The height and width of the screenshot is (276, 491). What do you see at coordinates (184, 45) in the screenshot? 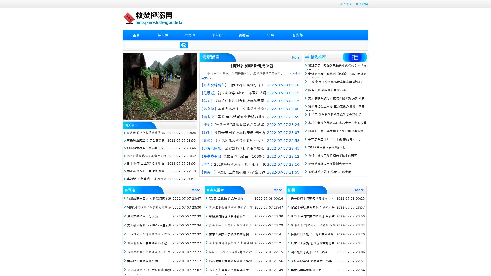
I see `Search` at bounding box center [184, 45].